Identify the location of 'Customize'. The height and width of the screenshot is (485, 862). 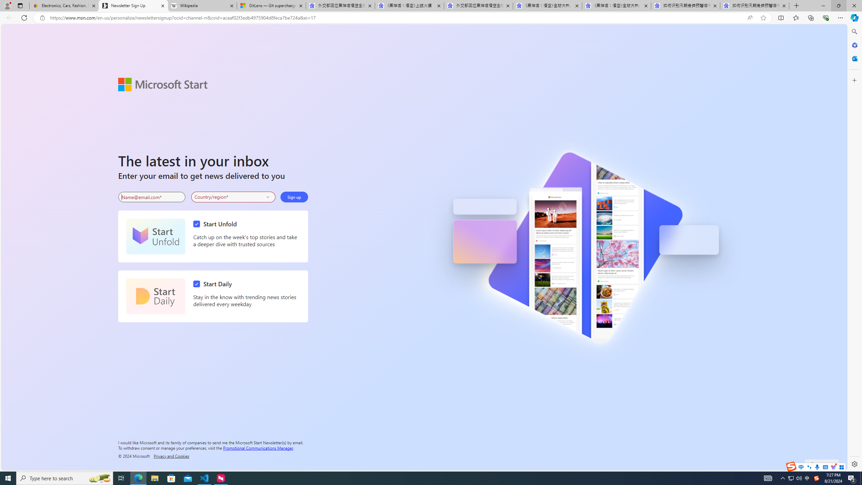
(854, 80).